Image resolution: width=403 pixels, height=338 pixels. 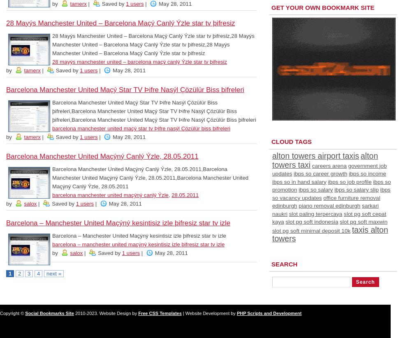 I want to click on '2', so click(x=19, y=273).